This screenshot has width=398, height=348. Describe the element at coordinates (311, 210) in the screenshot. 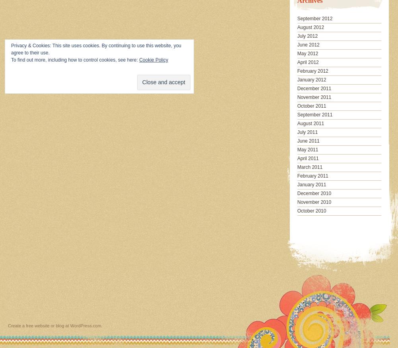

I see `'October 2010'` at that location.